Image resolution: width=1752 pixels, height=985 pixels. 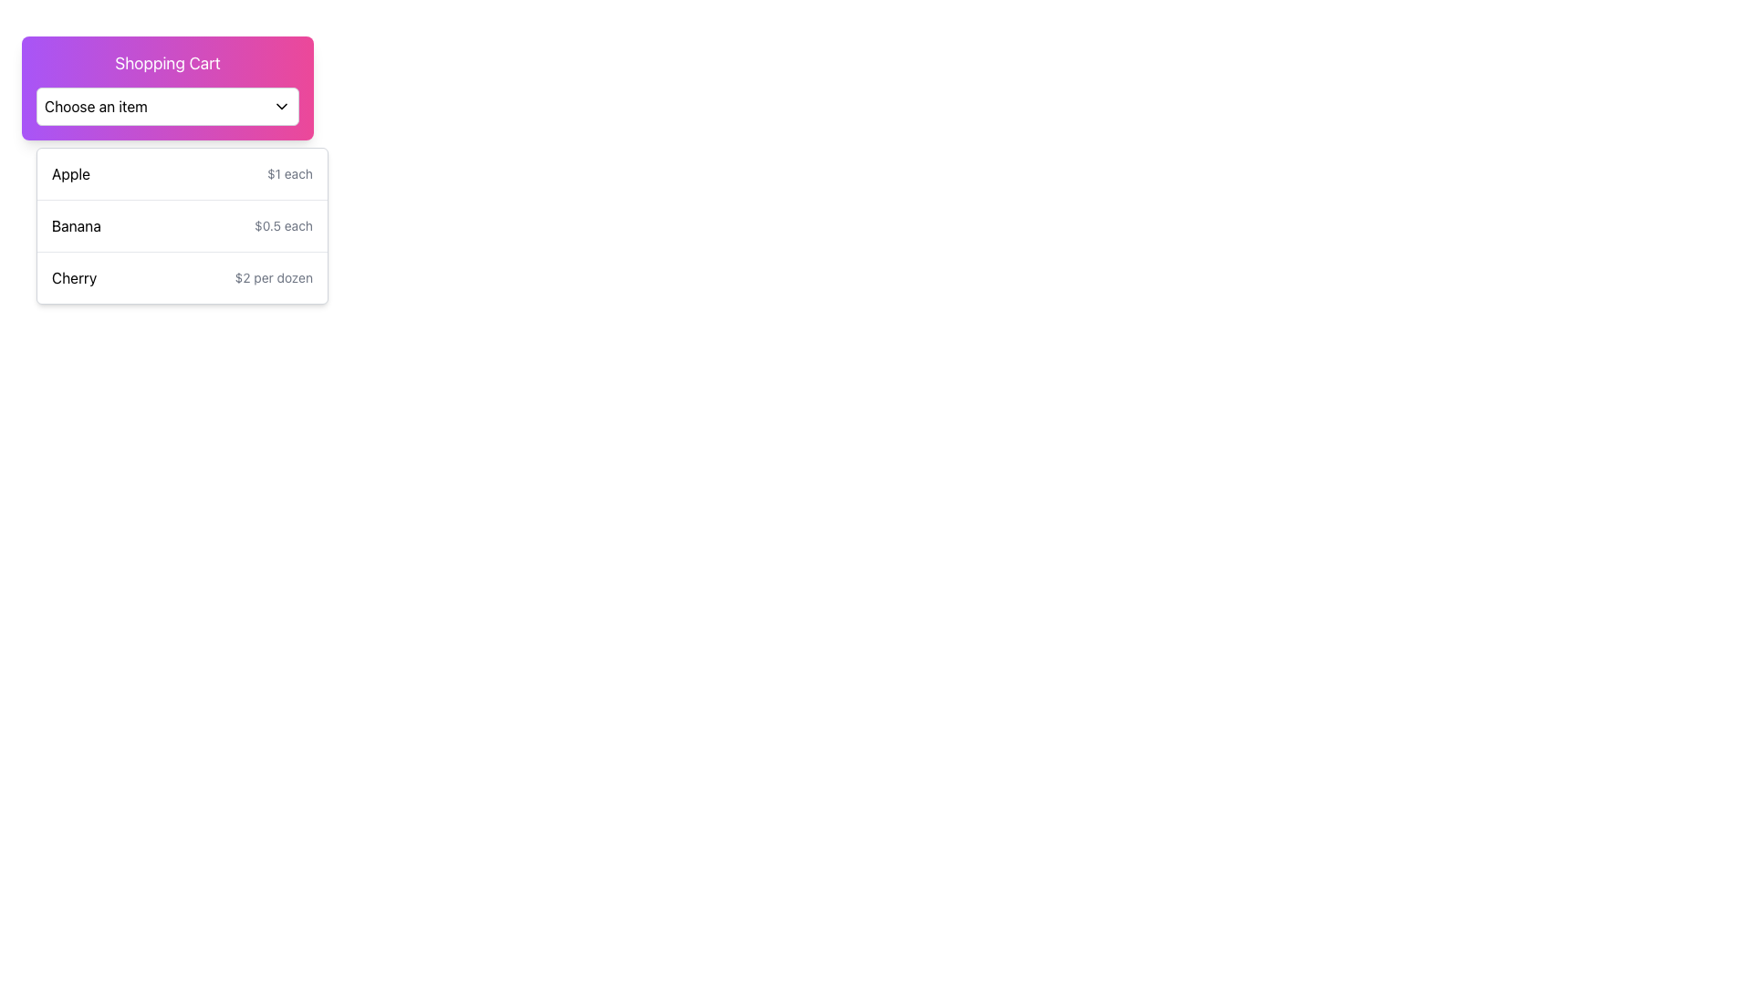 I want to click on the Button-like list item labeled 'Apple' with the price '$1 each' in the Shopping Cart section, so click(x=182, y=174).